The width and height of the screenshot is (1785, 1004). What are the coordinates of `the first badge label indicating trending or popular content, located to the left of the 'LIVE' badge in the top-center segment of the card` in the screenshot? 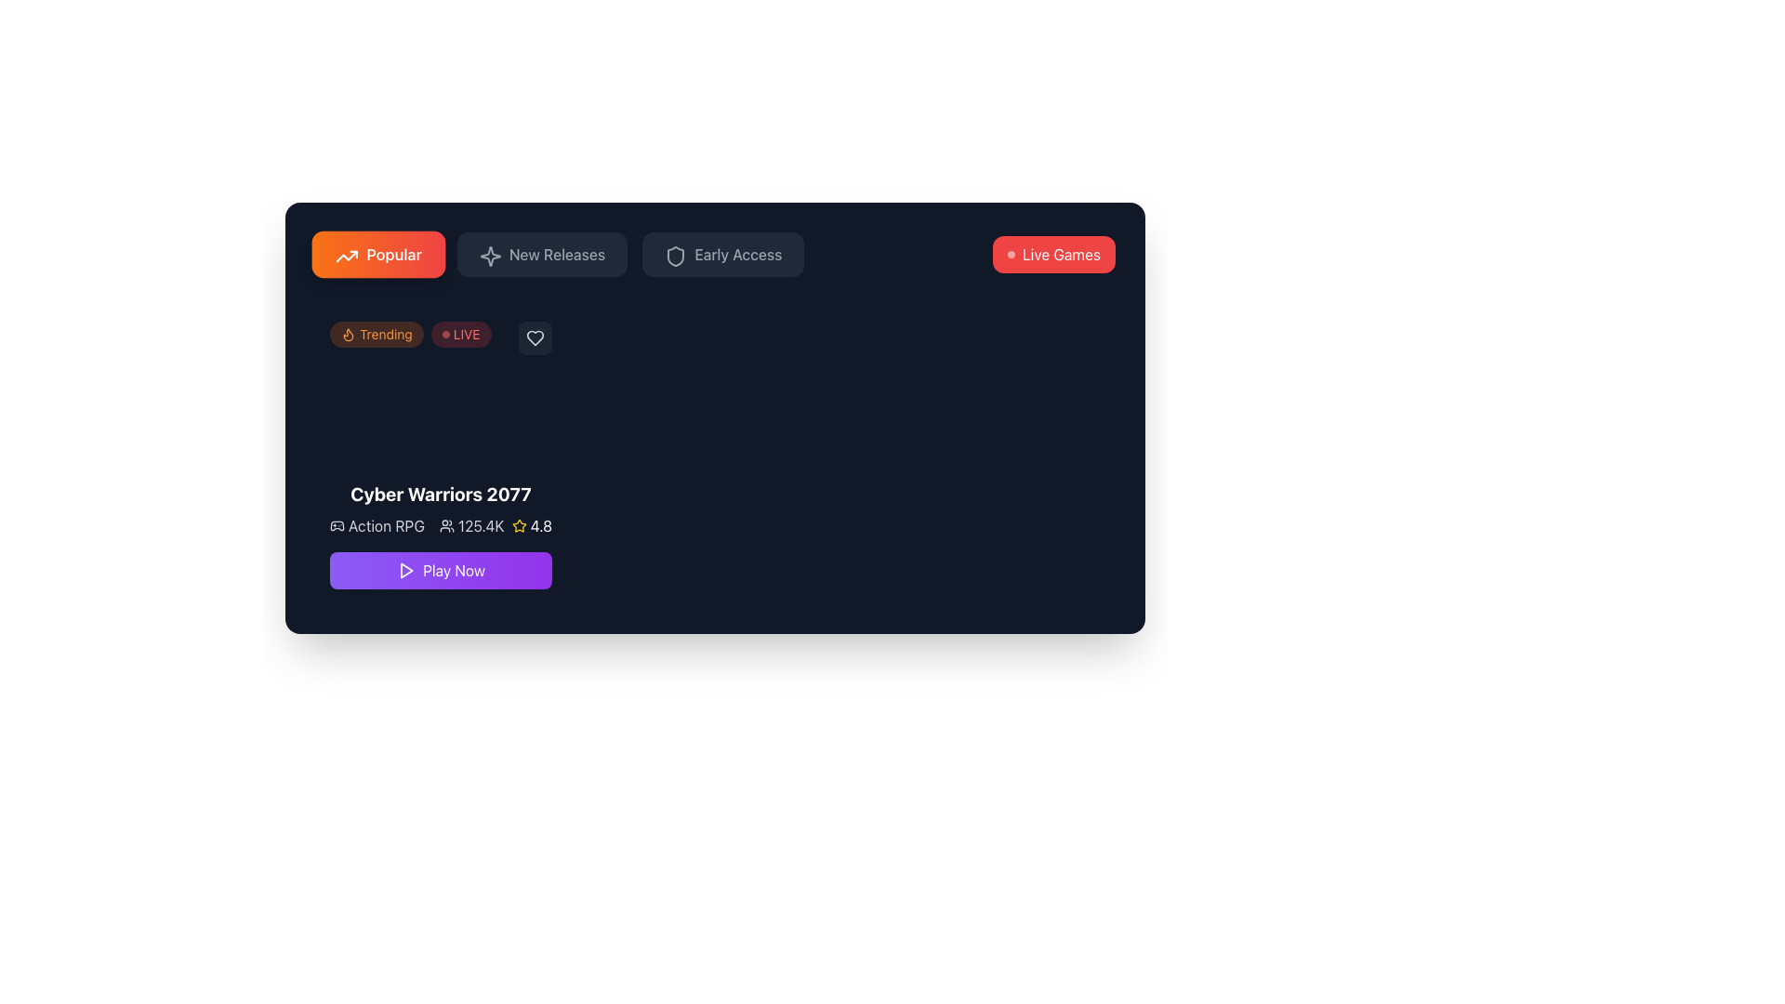 It's located at (376, 333).